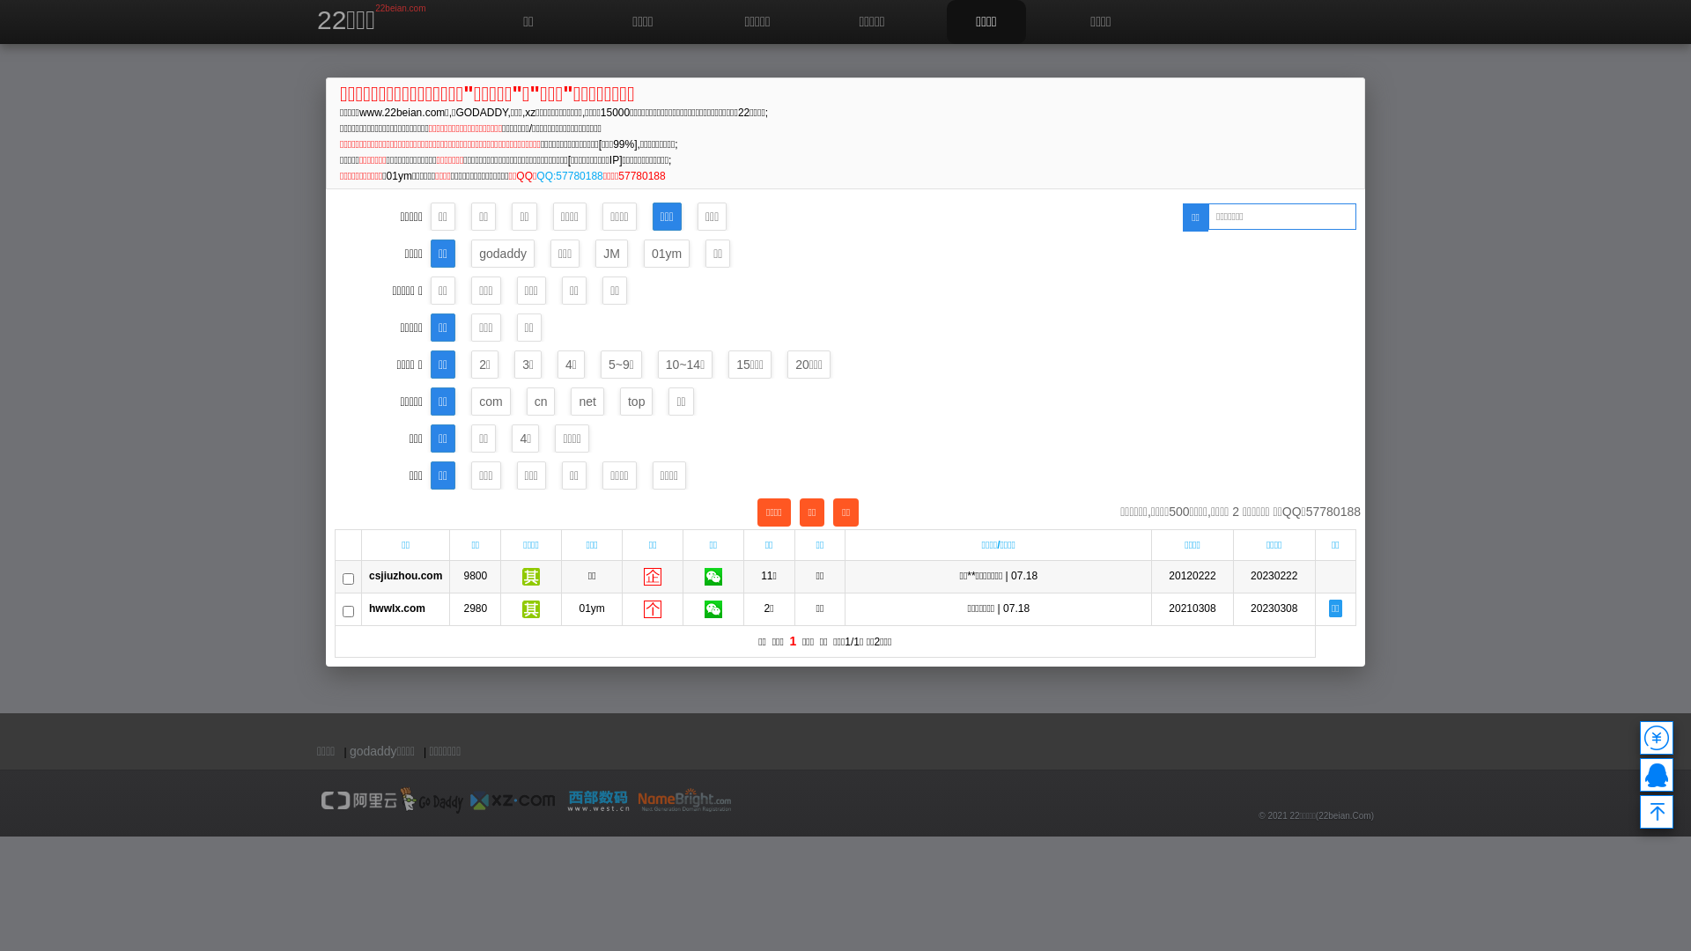 This screenshot has width=1691, height=951. What do you see at coordinates (587, 401) in the screenshot?
I see `'net'` at bounding box center [587, 401].